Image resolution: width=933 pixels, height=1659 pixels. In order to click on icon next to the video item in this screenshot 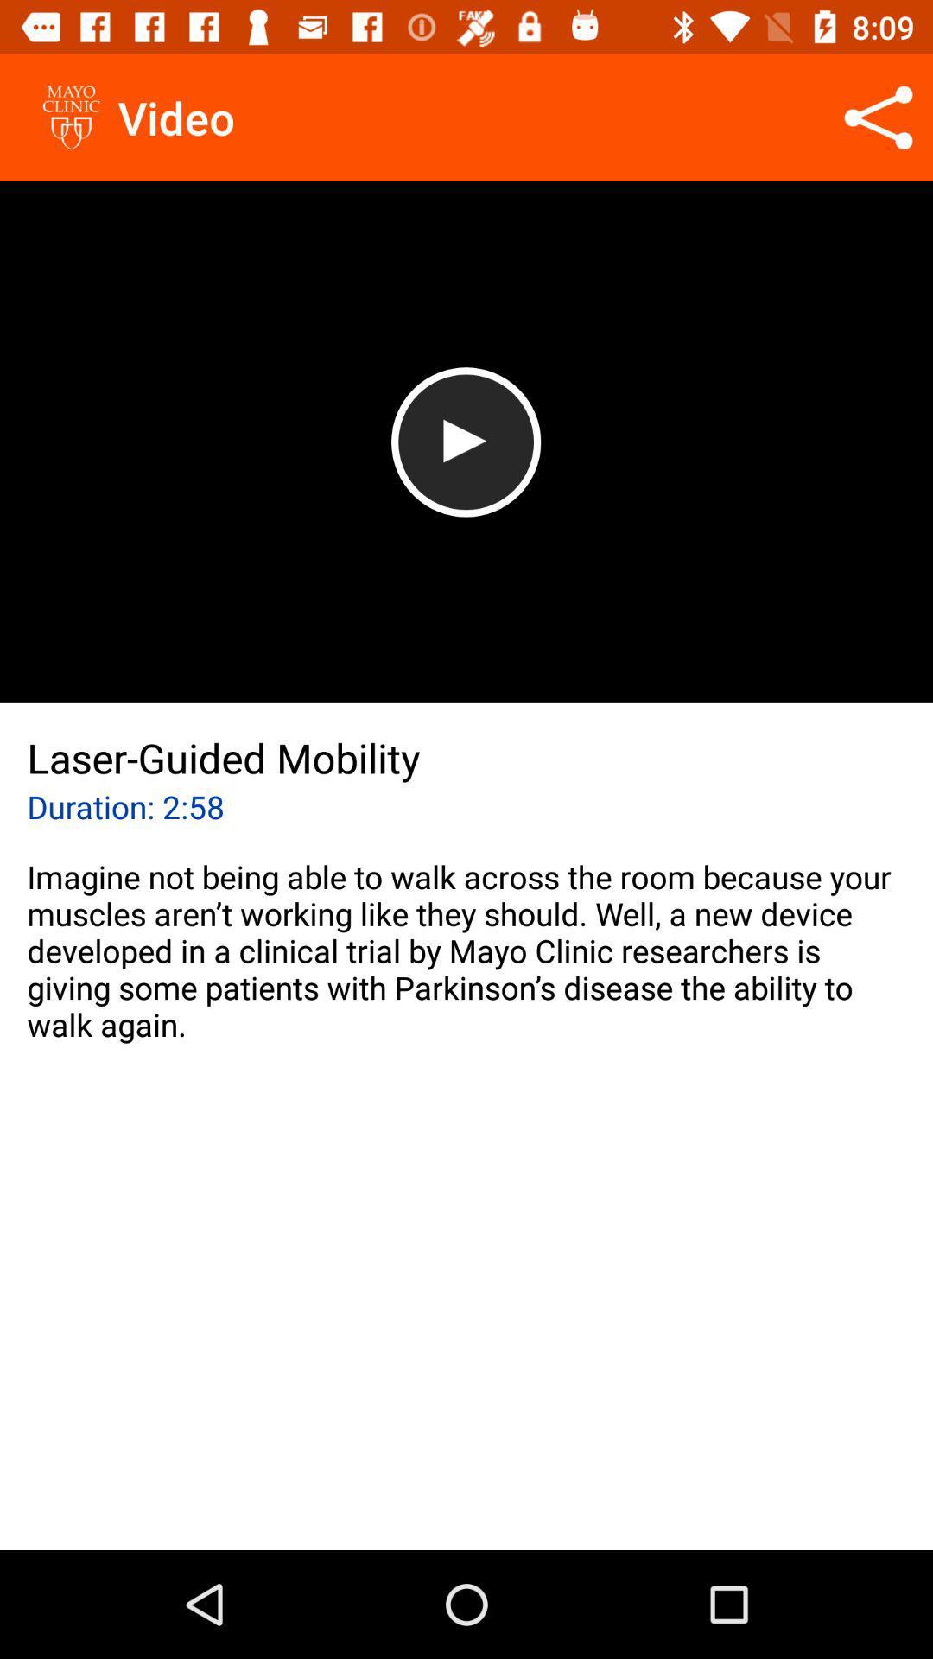, I will do `click(879, 117)`.